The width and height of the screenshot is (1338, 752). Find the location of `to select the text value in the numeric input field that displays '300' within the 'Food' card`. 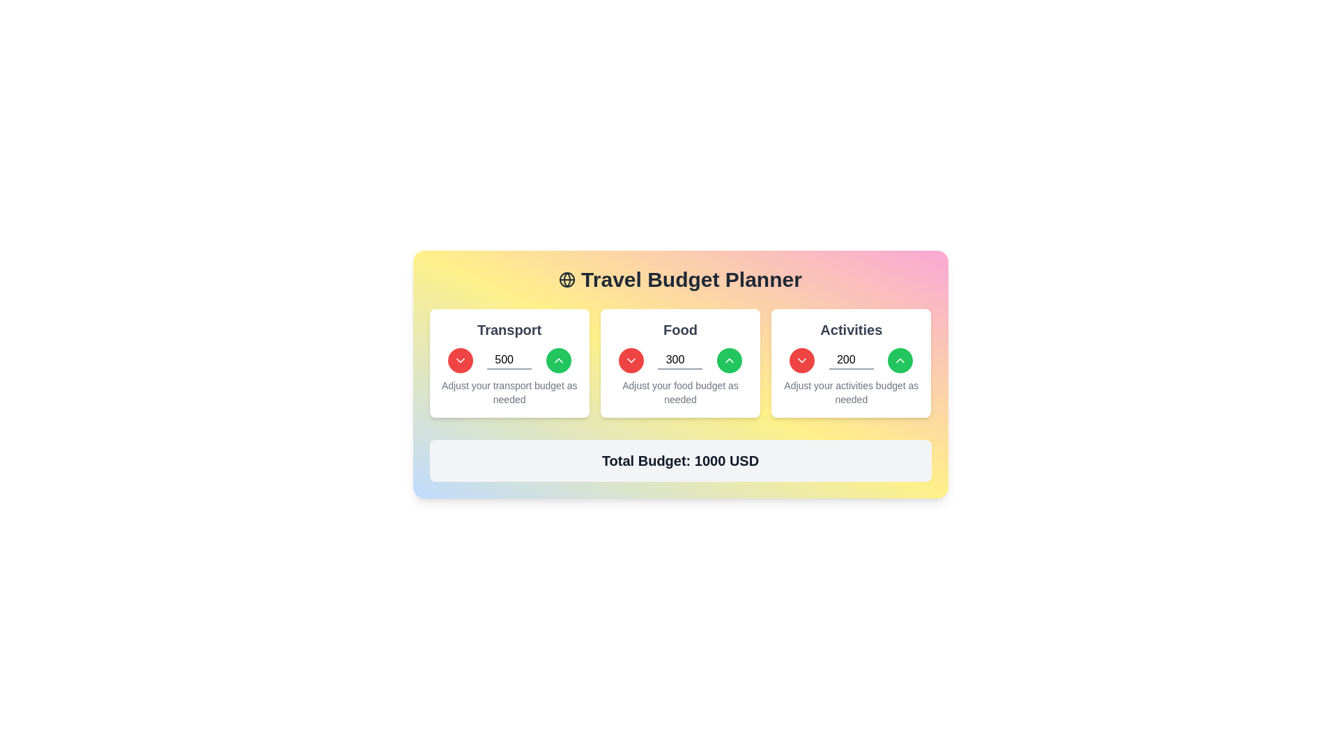

to select the text value in the numeric input field that displays '300' within the 'Food' card is located at coordinates (680, 359).